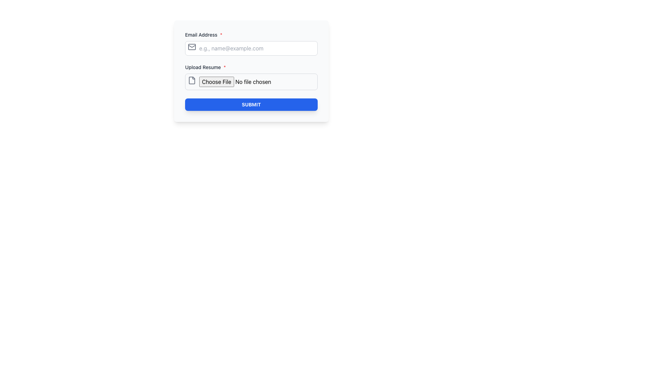 The width and height of the screenshot is (663, 373). Describe the element at coordinates (192, 80) in the screenshot. I see `the graphic icon resembling a page or document with a folded corner, located next to the 'Choose File' button in the 'Upload Resume' section` at that location.